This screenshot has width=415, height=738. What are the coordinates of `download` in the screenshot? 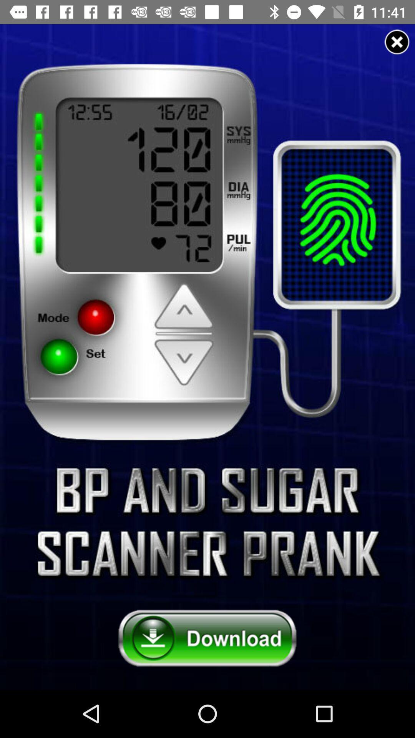 It's located at (207, 638).